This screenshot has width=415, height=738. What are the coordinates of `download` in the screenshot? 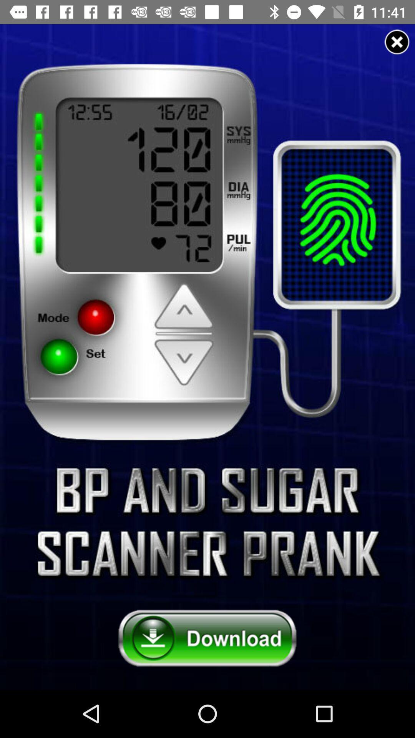 It's located at (207, 638).